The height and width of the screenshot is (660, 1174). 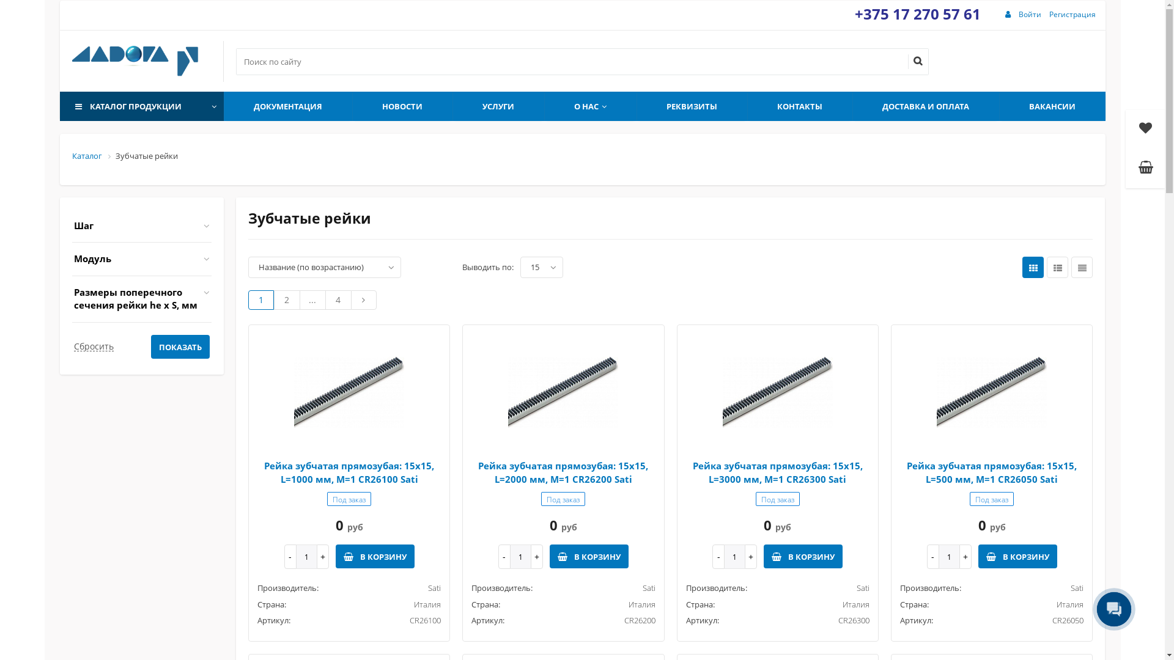 What do you see at coordinates (286, 299) in the screenshot?
I see `'2'` at bounding box center [286, 299].